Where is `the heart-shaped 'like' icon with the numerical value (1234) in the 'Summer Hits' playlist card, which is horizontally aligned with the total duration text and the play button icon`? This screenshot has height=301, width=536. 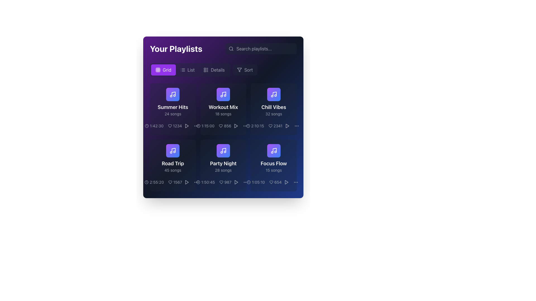 the heart-shaped 'like' icon with the numerical value (1234) in the 'Summer Hits' playlist card, which is horizontally aligned with the total duration text and the play button icon is located at coordinates (173, 126).